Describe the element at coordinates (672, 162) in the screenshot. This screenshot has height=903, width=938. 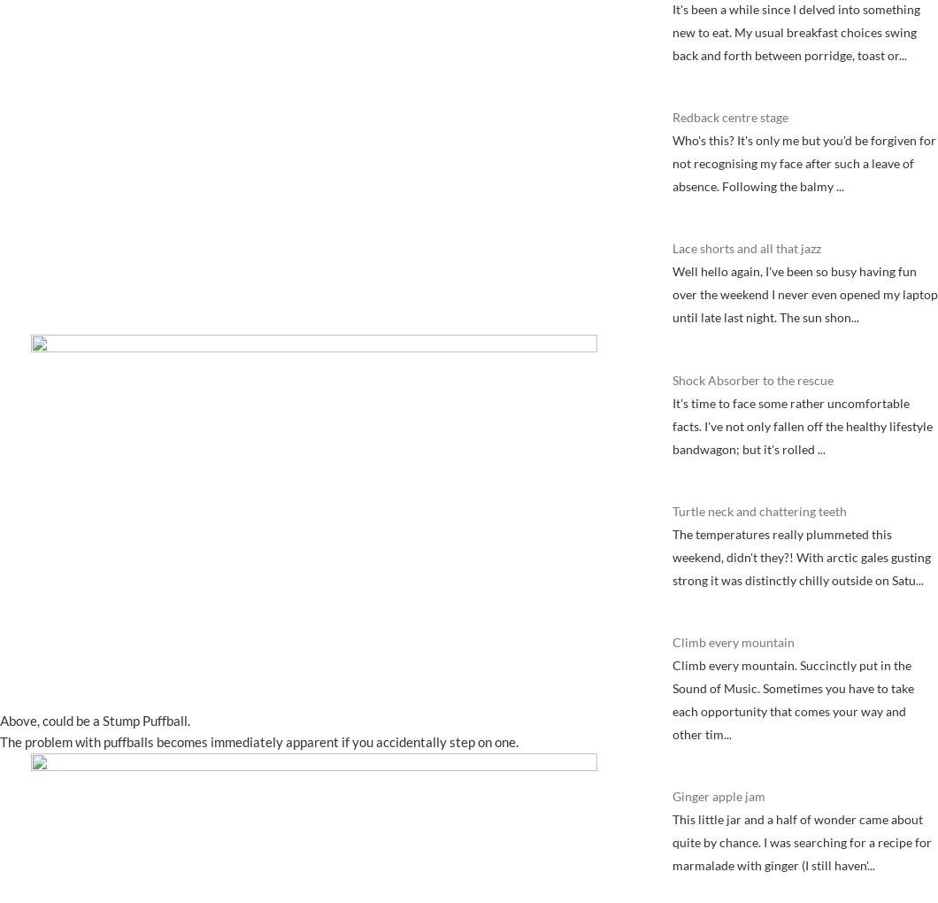
I see `'Who's this? It's only me but you'd be forgiven for not recognising my face after such a leave of absence. Following the balmy ...'` at that location.